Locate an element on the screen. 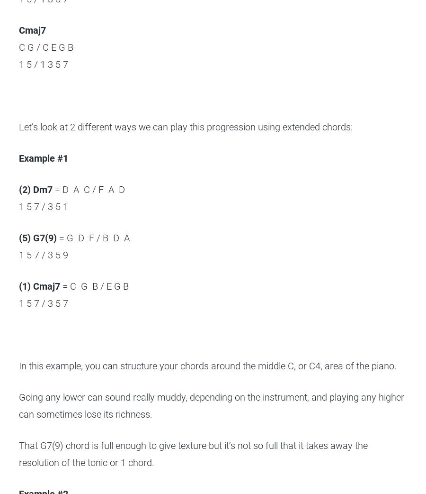  'Cmaj7' is located at coordinates (32, 29).